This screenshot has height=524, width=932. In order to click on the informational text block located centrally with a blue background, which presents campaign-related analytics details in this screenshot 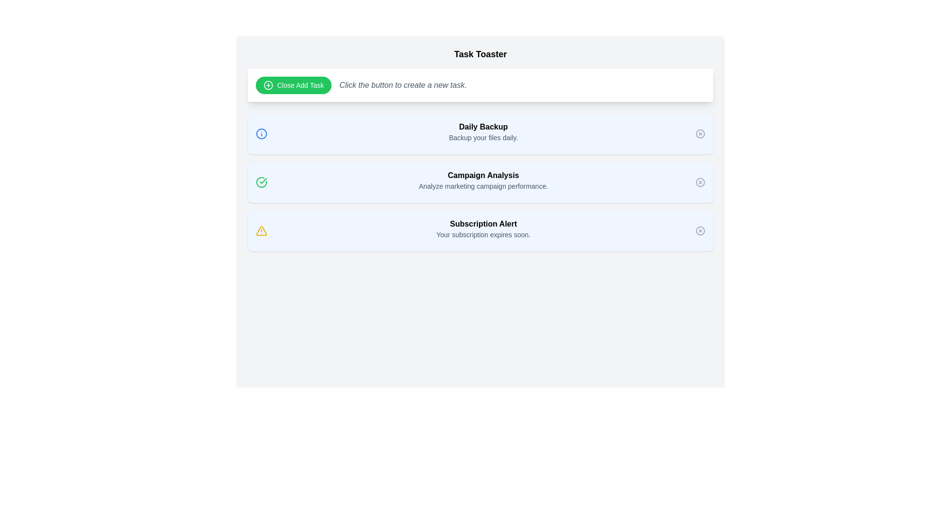, I will do `click(483, 182)`.